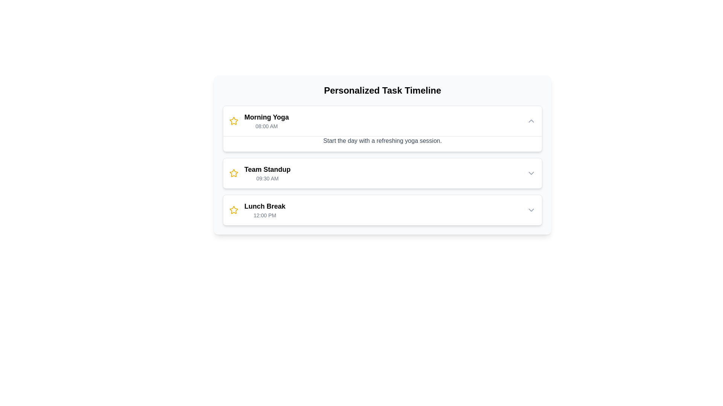 This screenshot has width=723, height=406. I want to click on the 'Morning Yoga' text label, so click(267, 117).